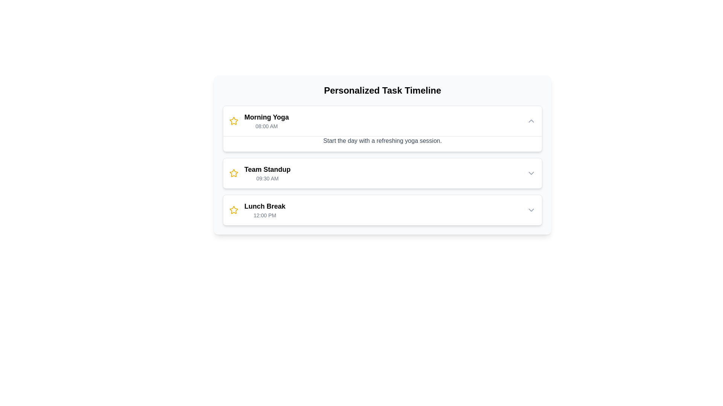 This screenshot has width=723, height=406. I want to click on the 'Morning Yoga' text label, so click(267, 117).